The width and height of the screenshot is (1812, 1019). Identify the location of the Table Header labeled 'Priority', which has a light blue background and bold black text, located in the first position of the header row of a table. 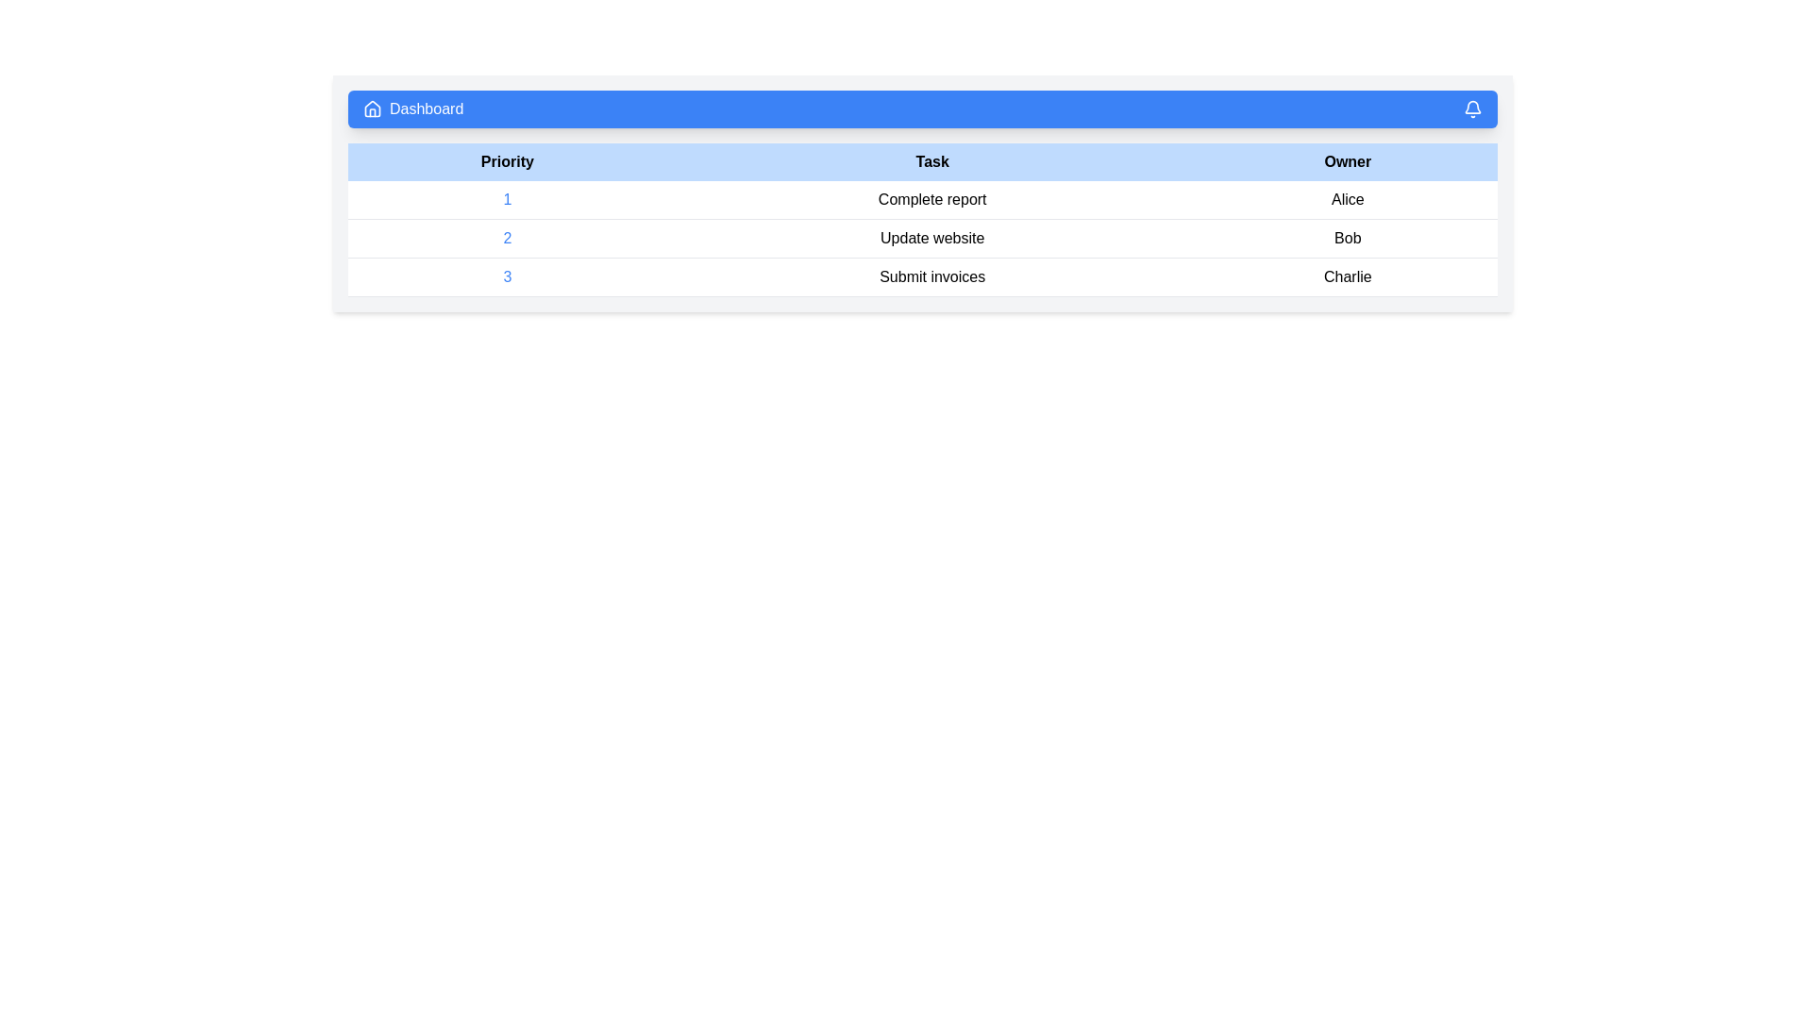
(507, 161).